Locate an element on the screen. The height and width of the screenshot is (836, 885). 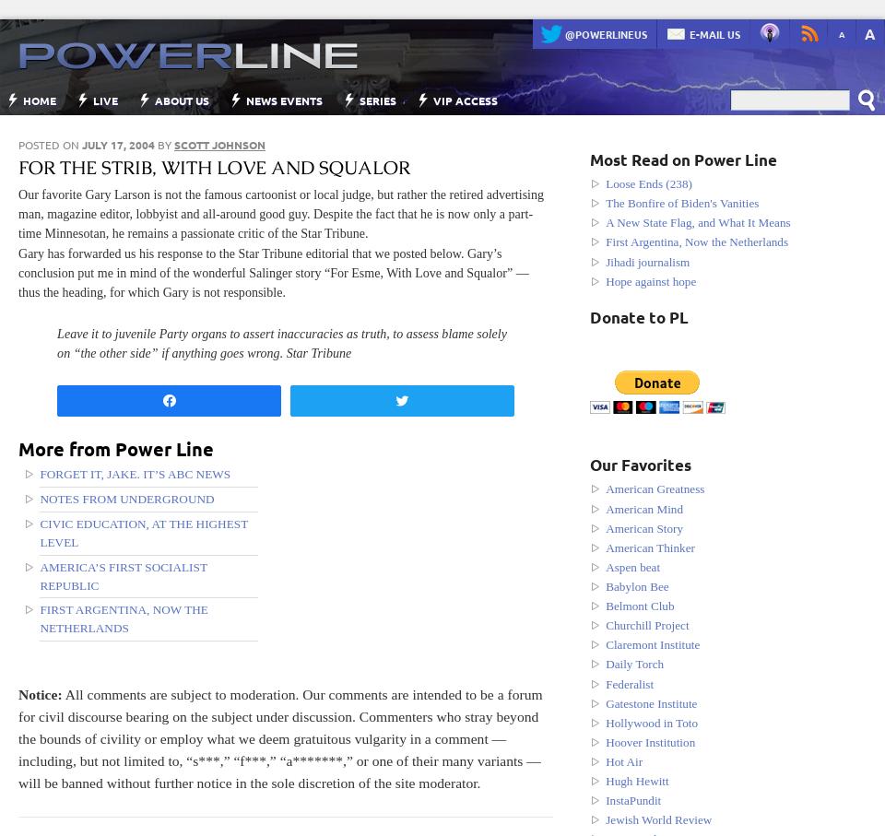
'Jihadi journalism' is located at coordinates (605, 260).